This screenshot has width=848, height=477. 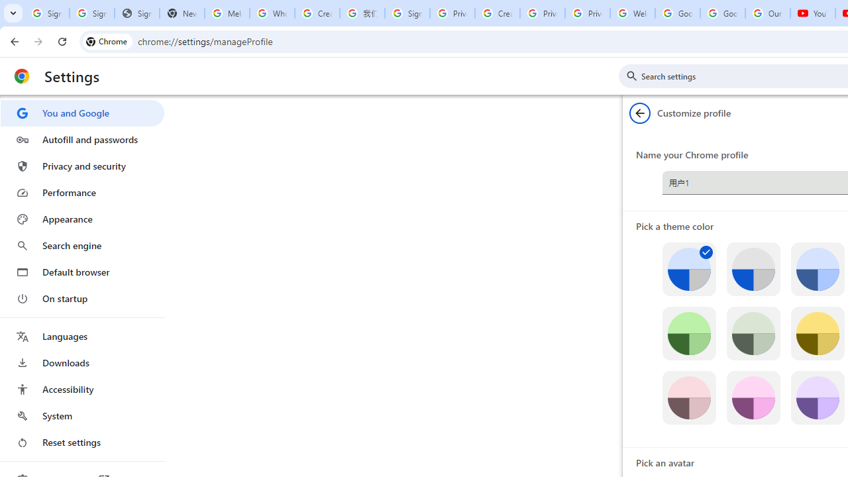 What do you see at coordinates (81, 388) in the screenshot?
I see `'Accessibility'` at bounding box center [81, 388].